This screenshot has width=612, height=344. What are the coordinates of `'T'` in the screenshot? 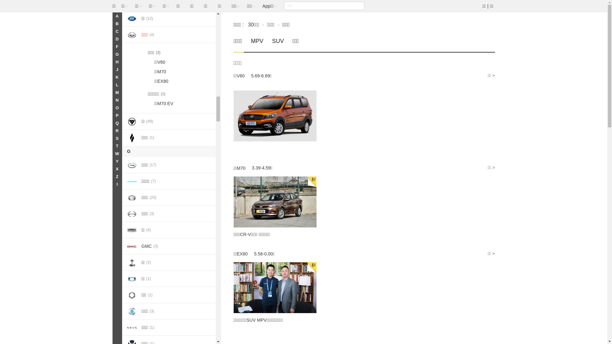 It's located at (117, 146).